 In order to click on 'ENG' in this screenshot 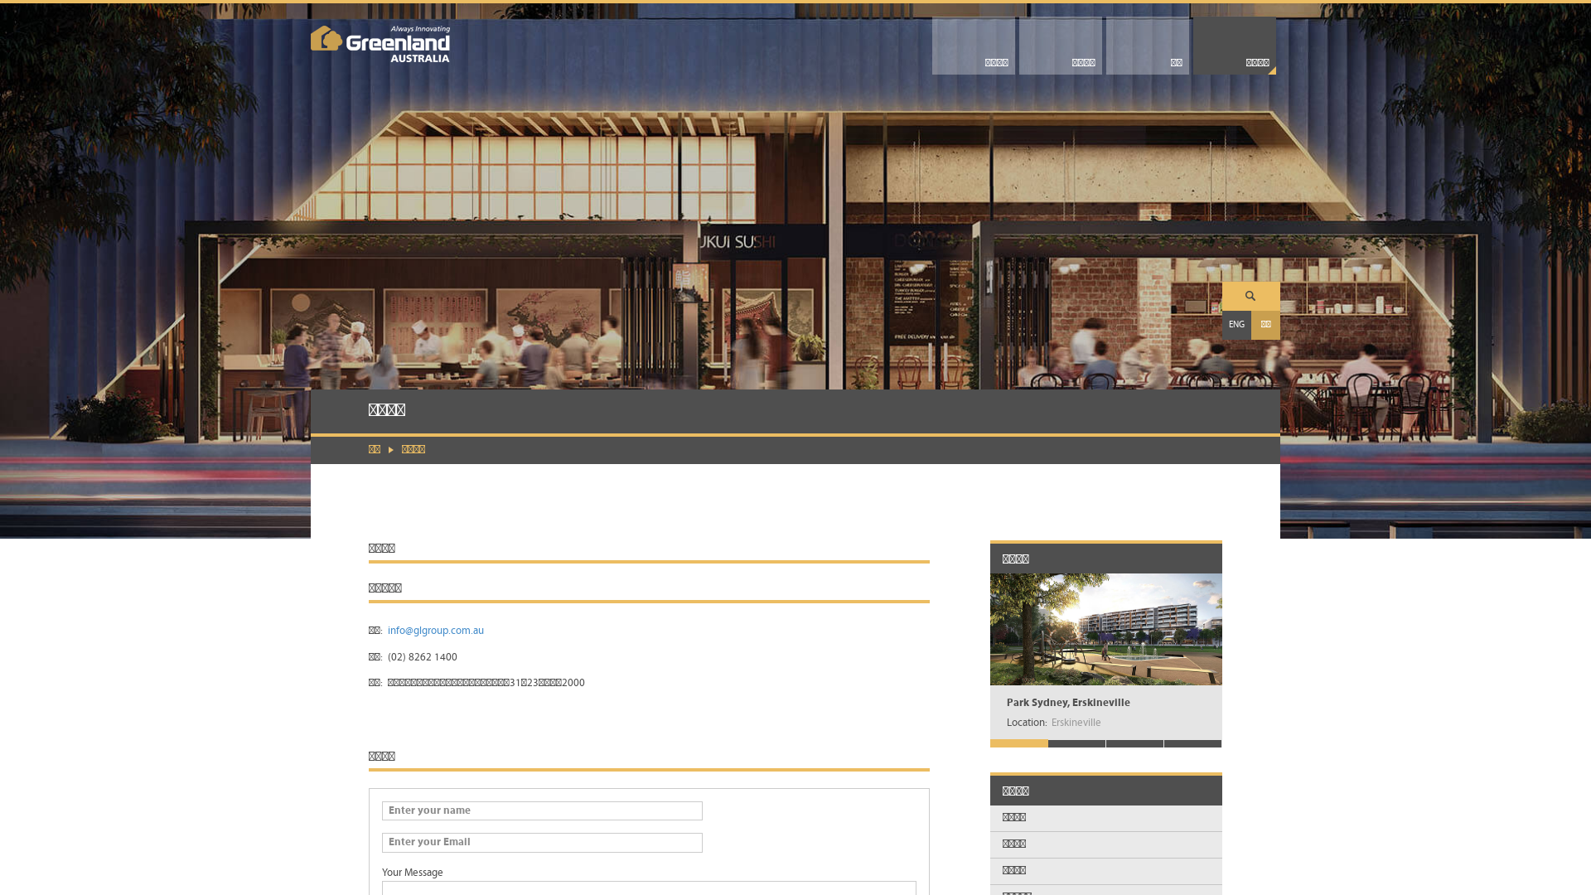, I will do `click(1236, 325)`.